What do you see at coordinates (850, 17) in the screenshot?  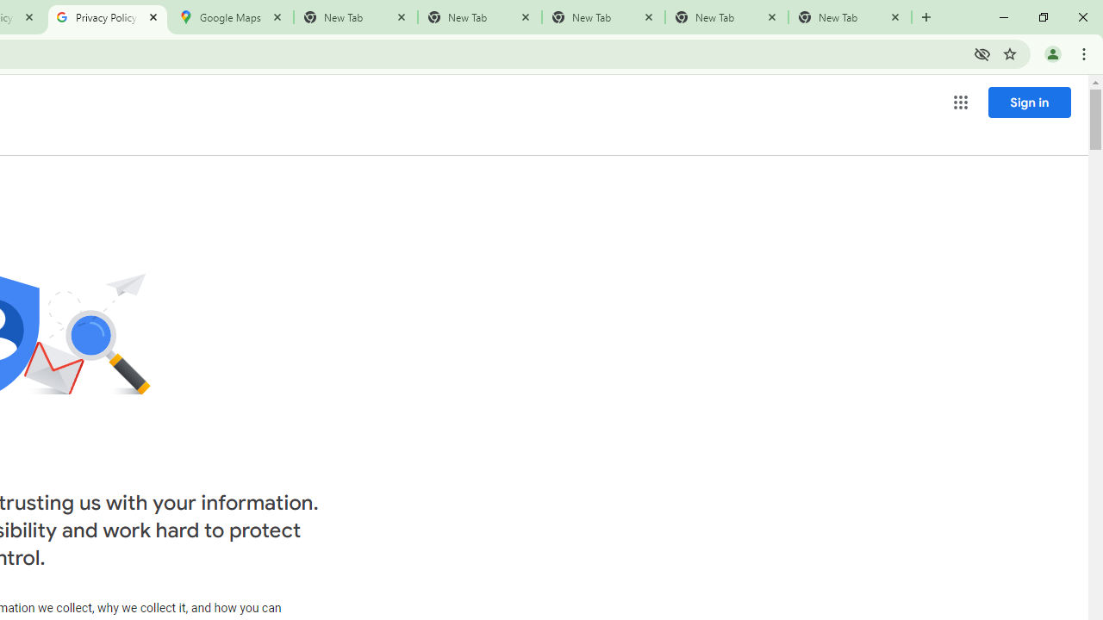 I see `'New Tab'` at bounding box center [850, 17].